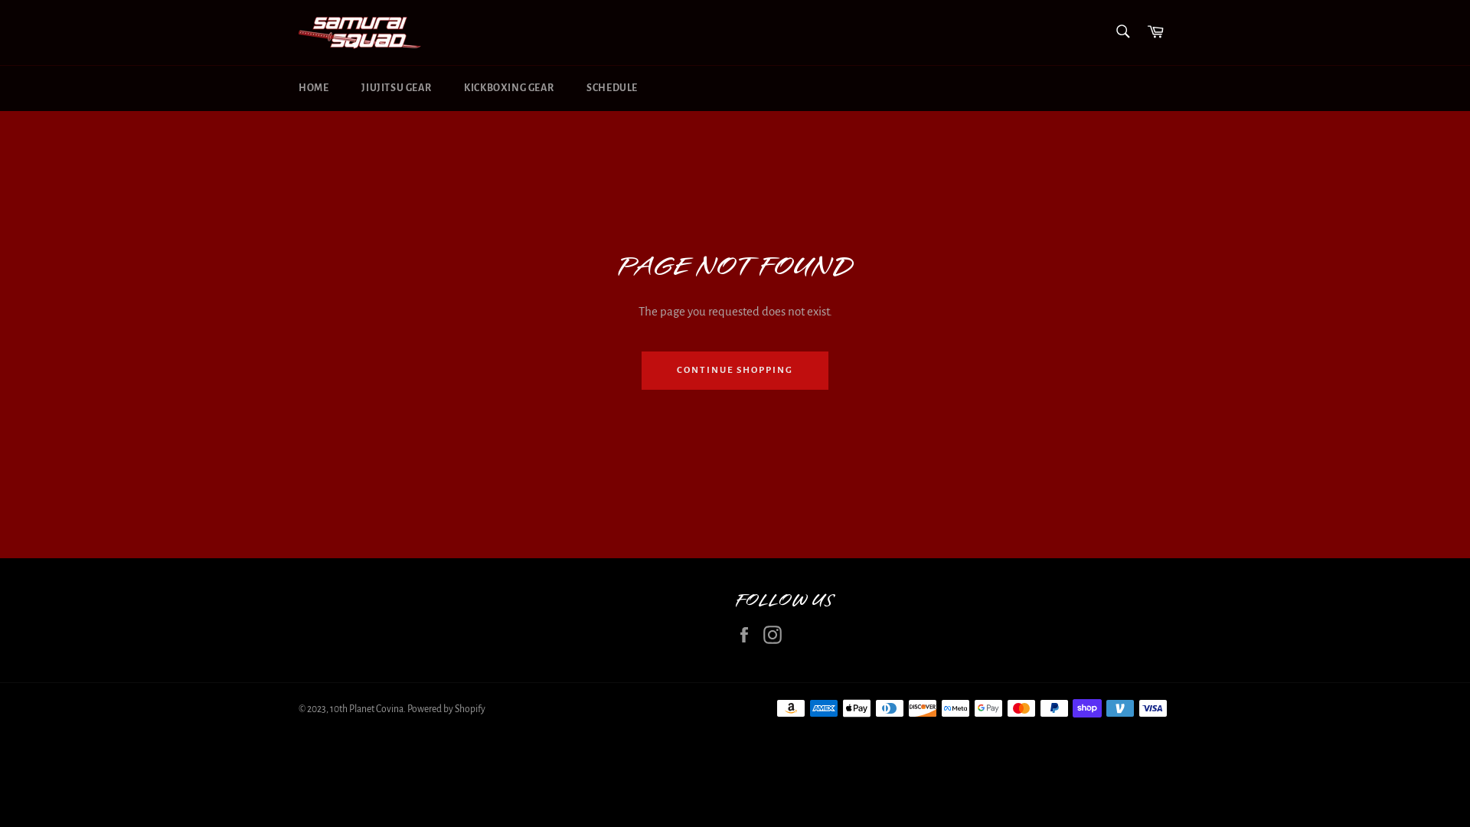 Image resolution: width=1470 pixels, height=827 pixels. I want to click on 'KICKBOXING GEAR', so click(508, 88).